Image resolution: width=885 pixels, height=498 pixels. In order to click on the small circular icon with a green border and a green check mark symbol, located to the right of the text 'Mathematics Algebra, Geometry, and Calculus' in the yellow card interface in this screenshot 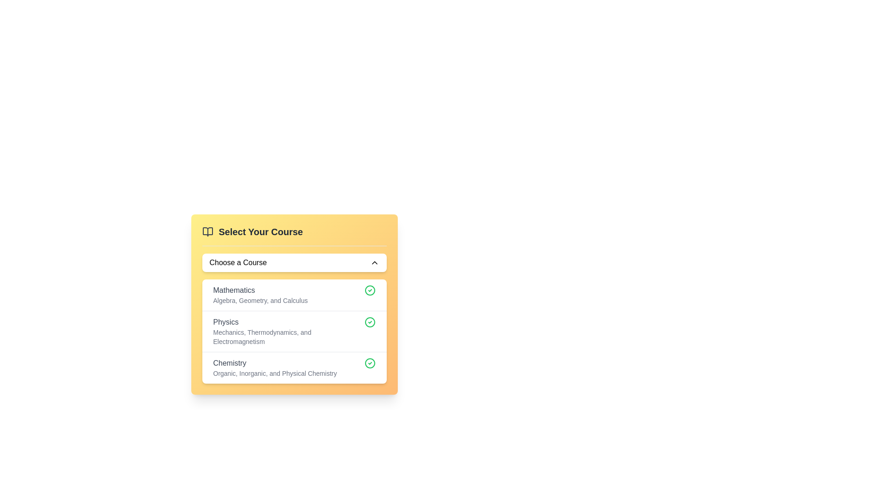, I will do `click(370, 290)`.